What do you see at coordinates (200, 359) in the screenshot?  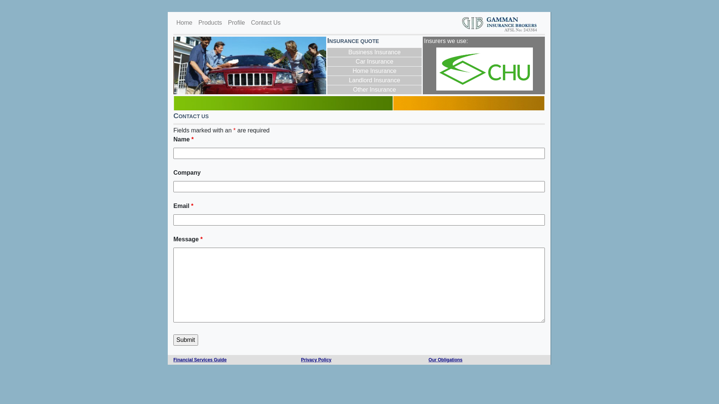 I see `'Financial Services Guide'` at bounding box center [200, 359].